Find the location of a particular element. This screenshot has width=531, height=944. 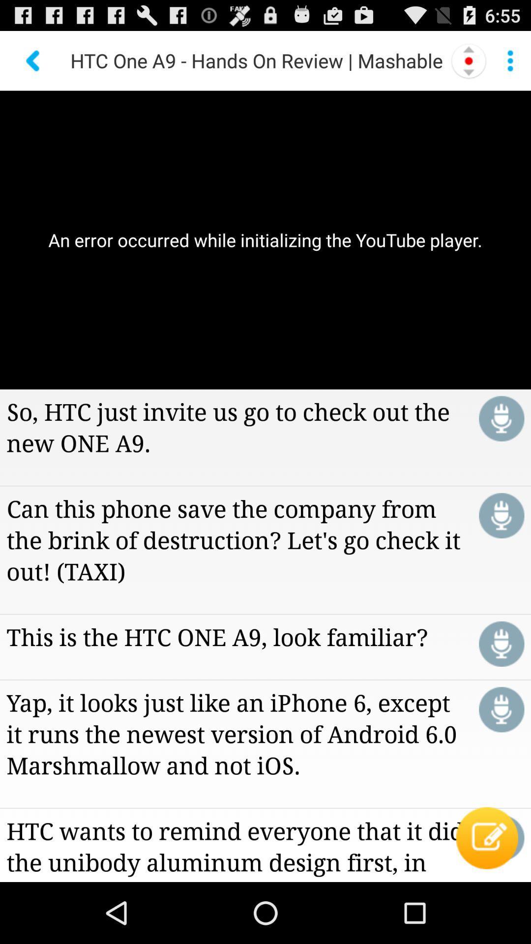

the edit icon is located at coordinates (487, 897).